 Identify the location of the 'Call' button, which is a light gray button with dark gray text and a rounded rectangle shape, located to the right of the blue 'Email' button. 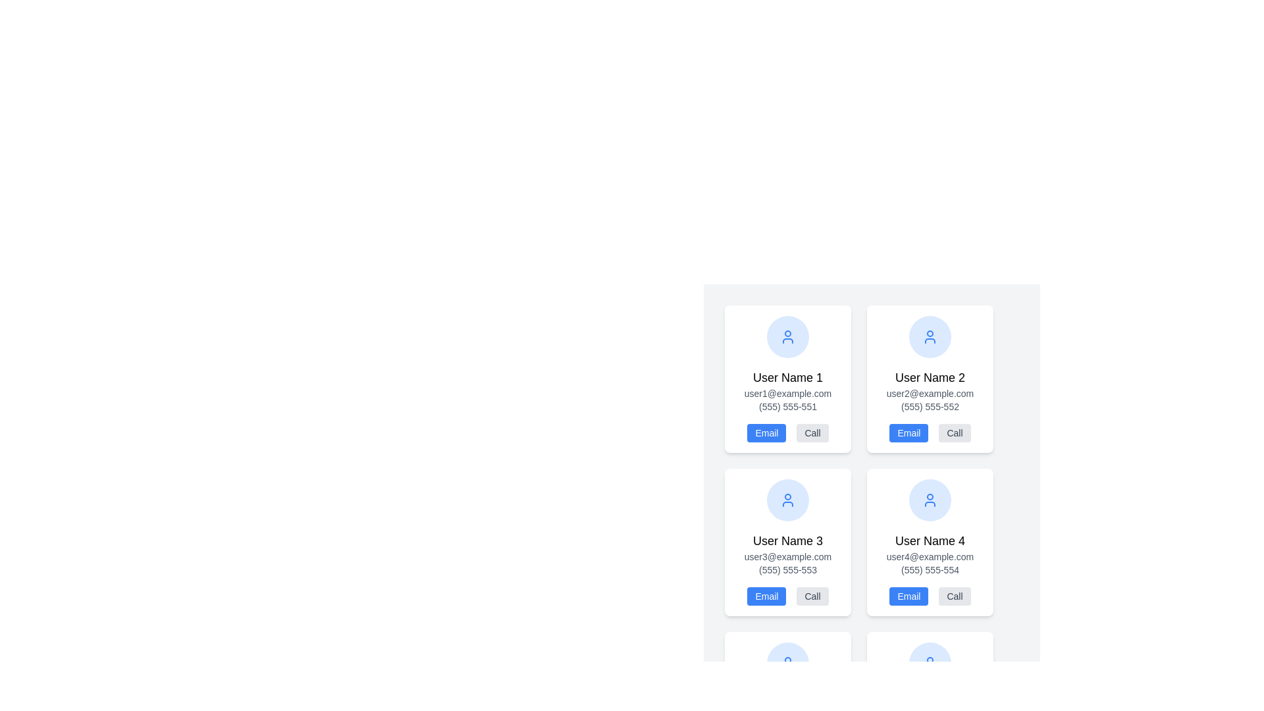
(955, 433).